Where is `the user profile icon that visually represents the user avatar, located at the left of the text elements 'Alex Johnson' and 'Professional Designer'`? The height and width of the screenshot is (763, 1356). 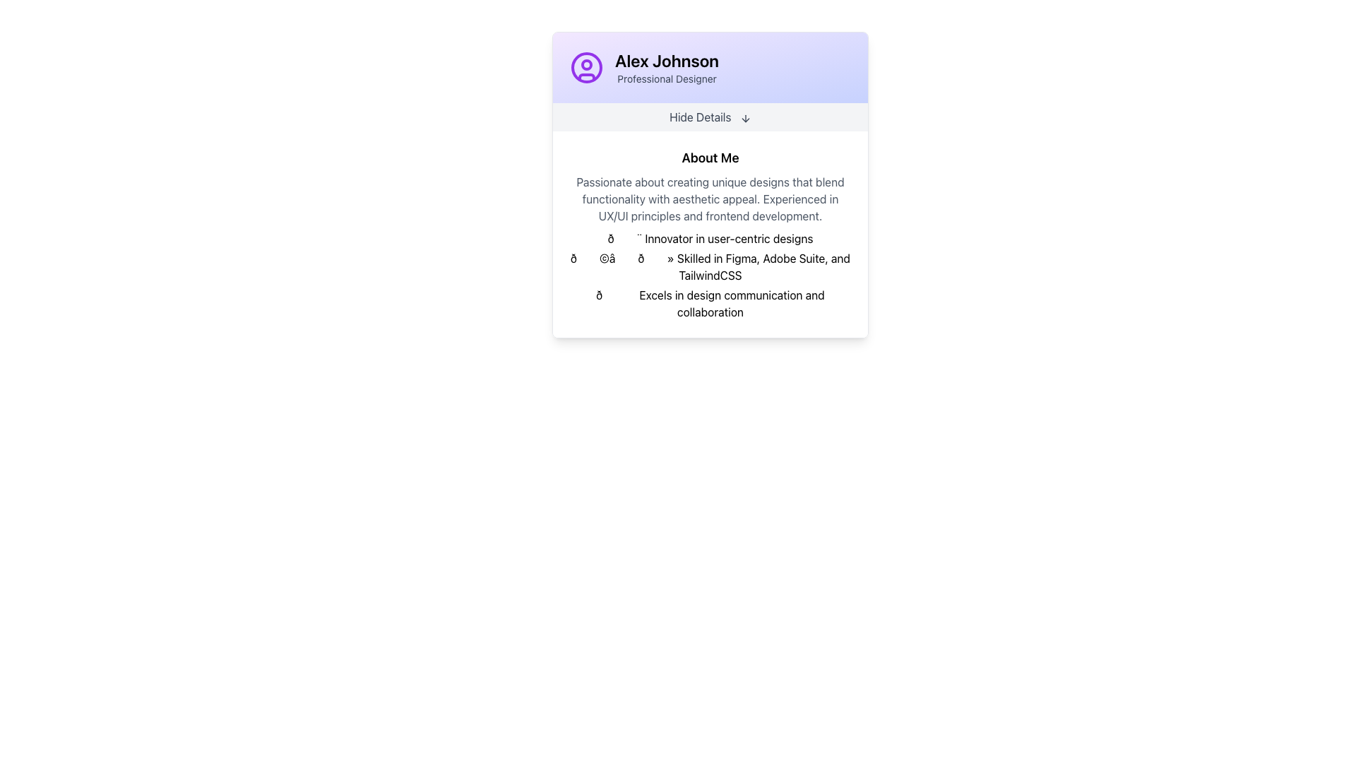 the user profile icon that visually represents the user avatar, located at the left of the text elements 'Alex Johnson' and 'Professional Designer' is located at coordinates (586, 68).